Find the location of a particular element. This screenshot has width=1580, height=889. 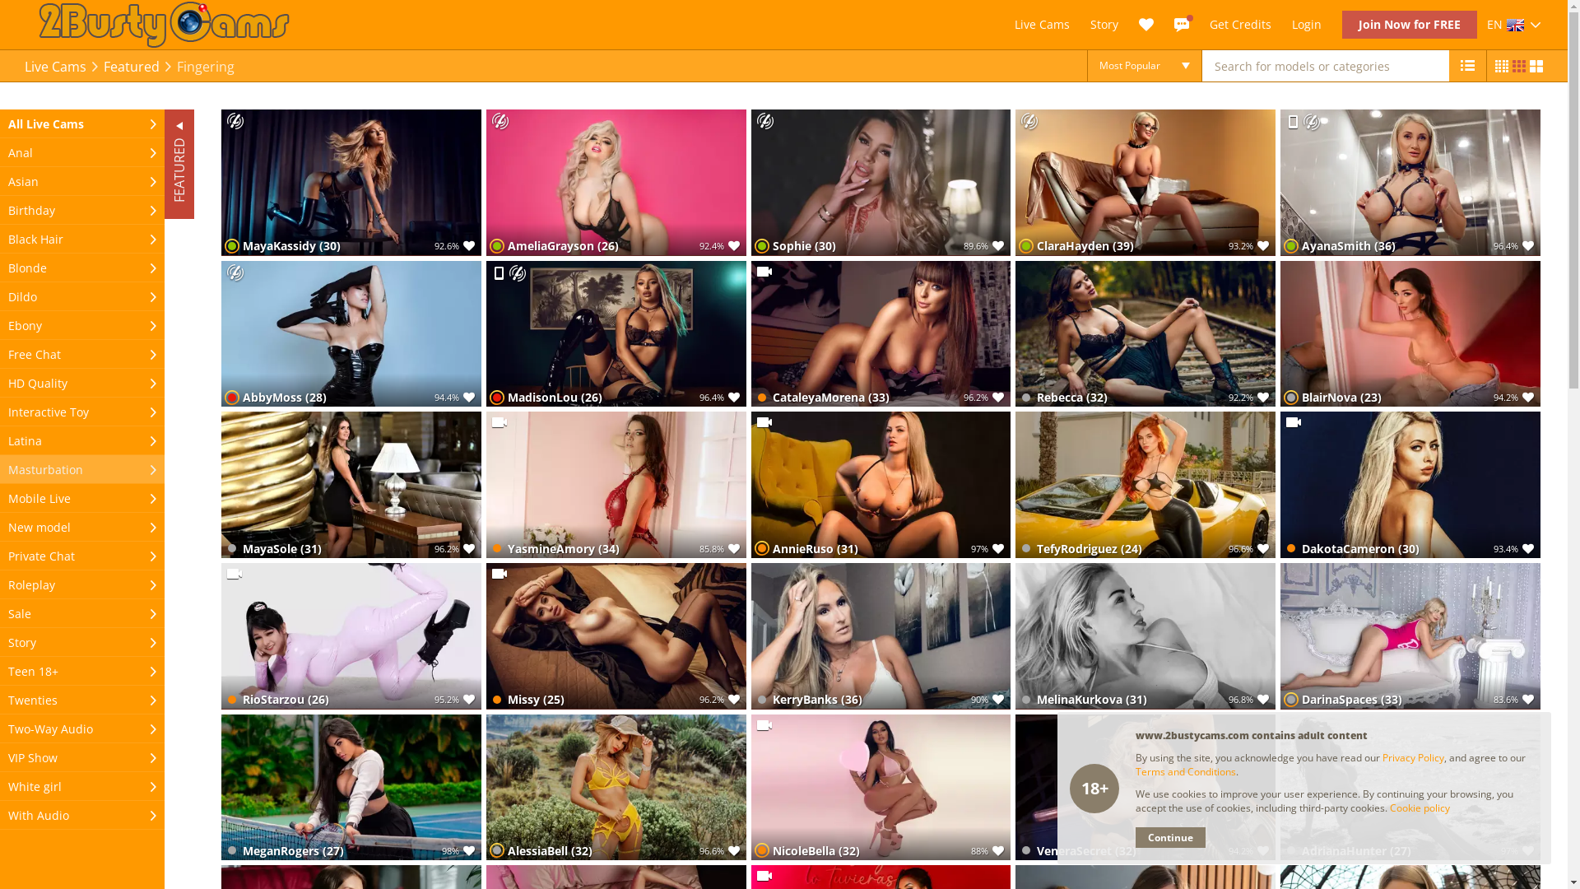

'AnnieRuso (31) is located at coordinates (880, 484).